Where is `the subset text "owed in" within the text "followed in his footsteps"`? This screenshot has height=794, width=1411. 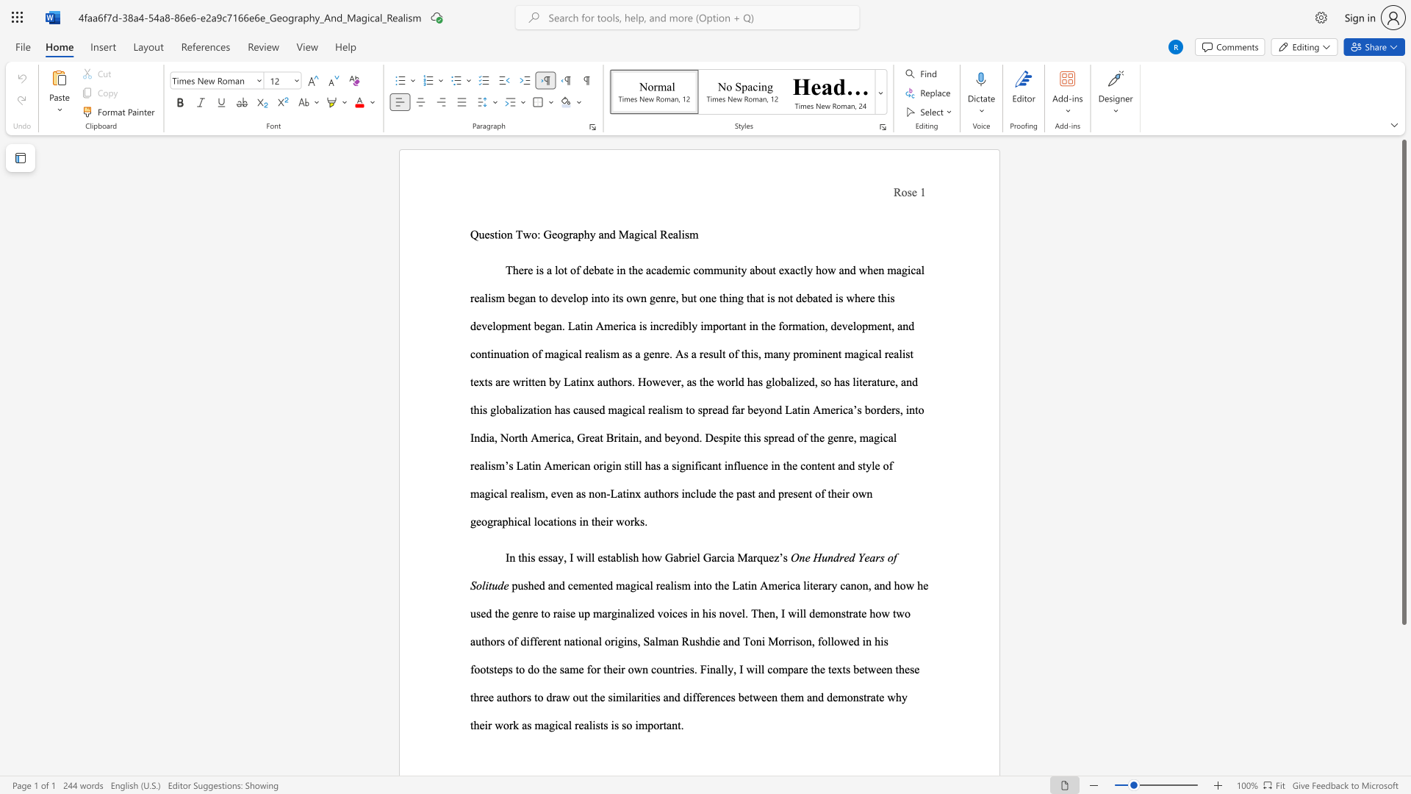
the subset text "owed in" within the text "followed in his footsteps" is located at coordinates (834, 640).